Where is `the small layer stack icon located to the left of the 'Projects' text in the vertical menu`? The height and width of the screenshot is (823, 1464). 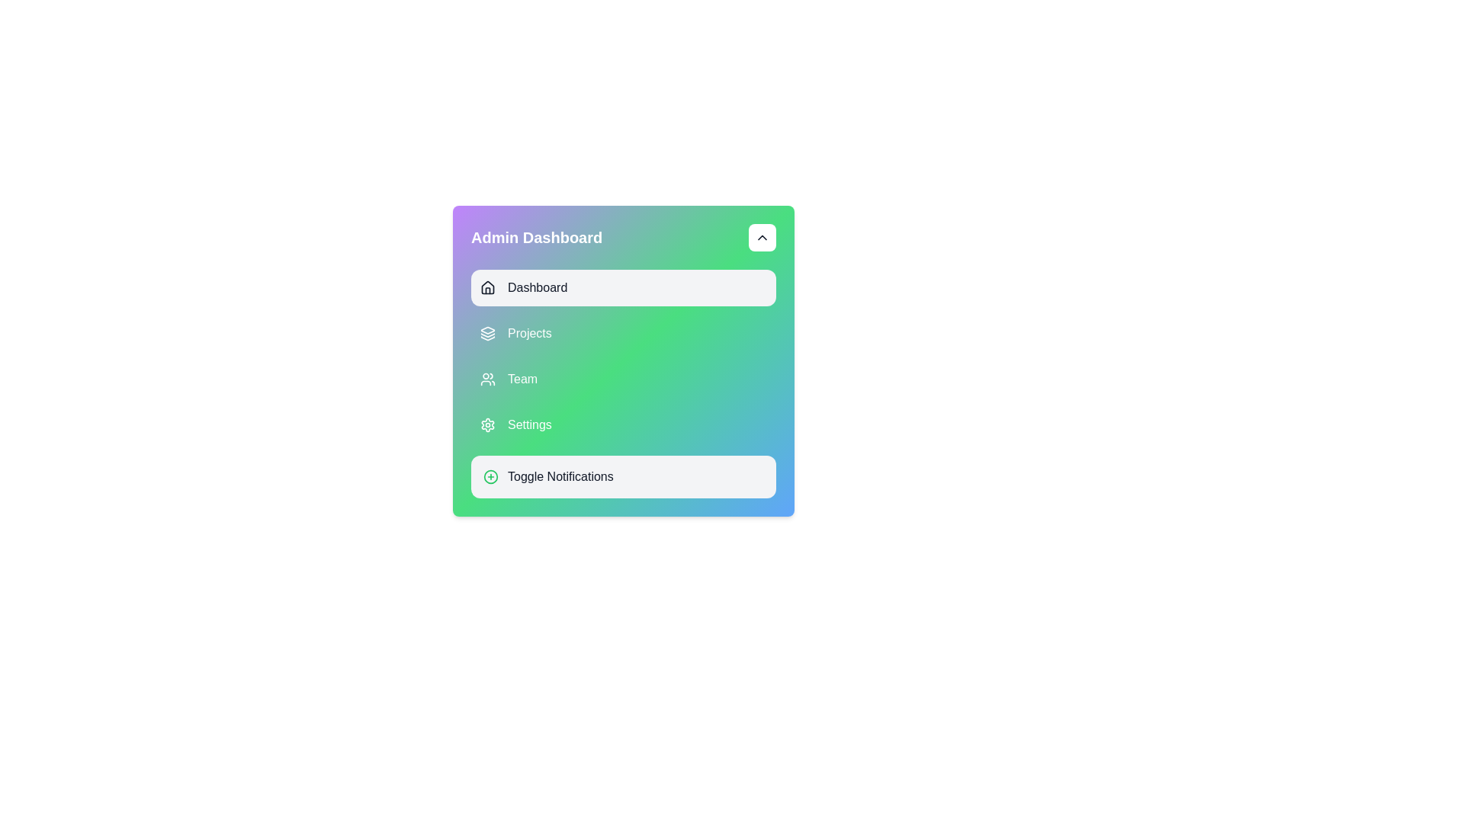
the small layer stack icon located to the left of the 'Projects' text in the vertical menu is located at coordinates (486, 333).